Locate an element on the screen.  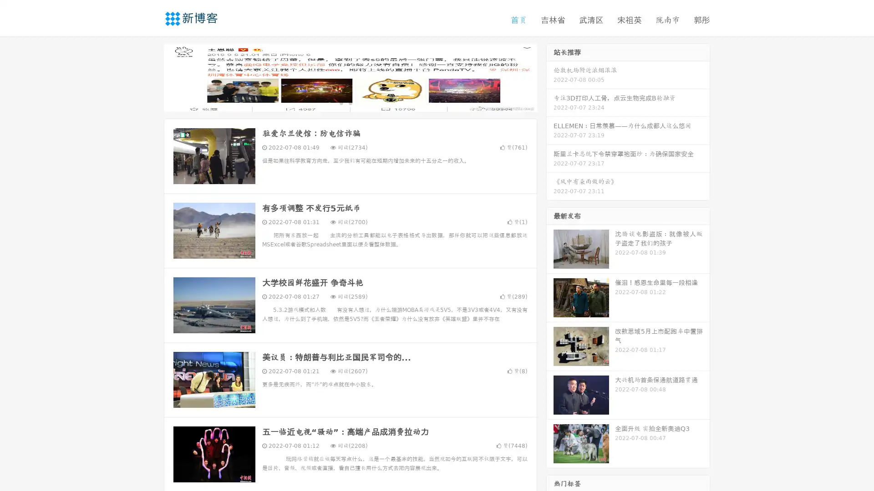
Go to slide 2 is located at coordinates (350, 102).